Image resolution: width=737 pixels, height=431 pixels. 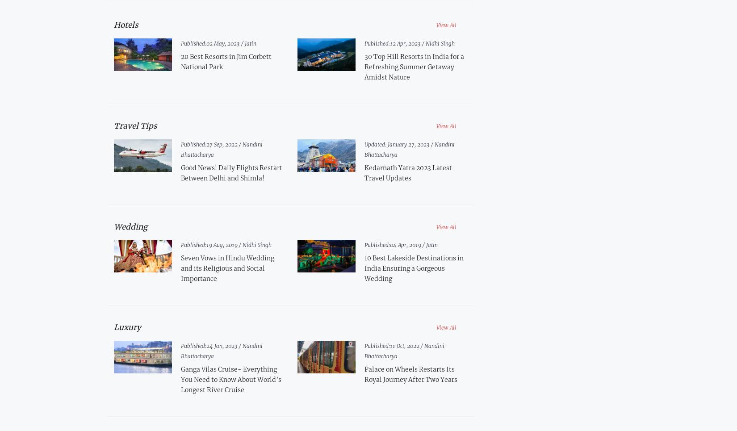 What do you see at coordinates (223, 143) in the screenshot?
I see `'27 Sep, 2022 /'` at bounding box center [223, 143].